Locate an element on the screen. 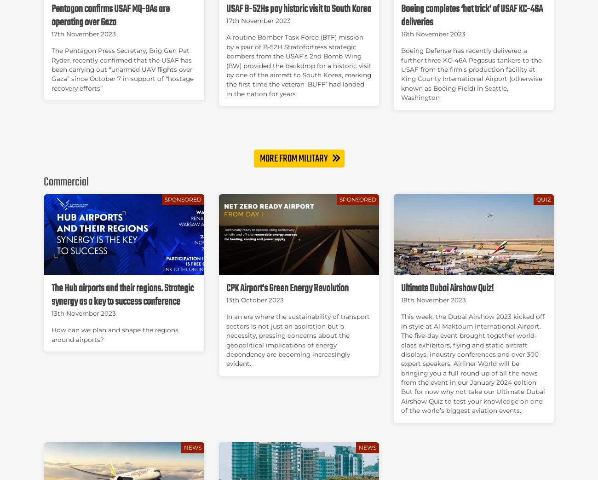  '16th November 2023' is located at coordinates (400, 33).